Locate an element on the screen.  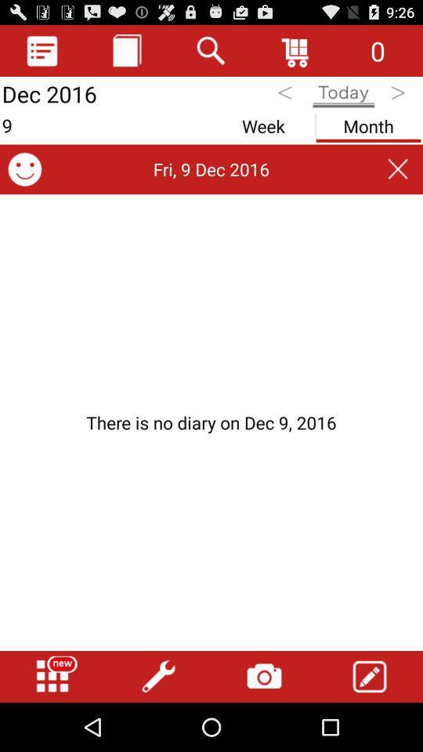
copy button is located at coordinates (126, 50).